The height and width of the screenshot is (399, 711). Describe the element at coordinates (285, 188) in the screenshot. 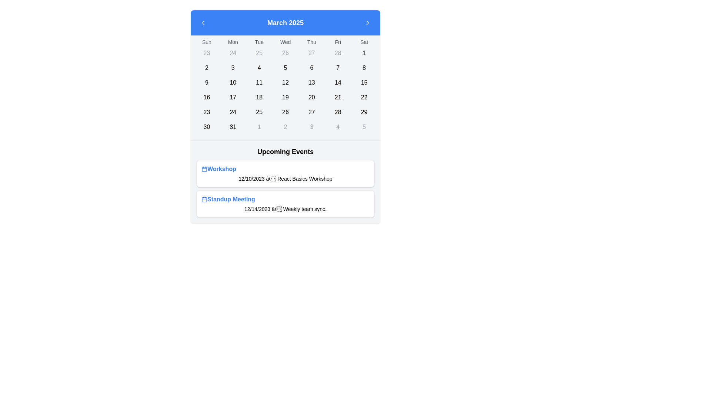

I see `an event in the 'Upcoming Events' list` at that location.